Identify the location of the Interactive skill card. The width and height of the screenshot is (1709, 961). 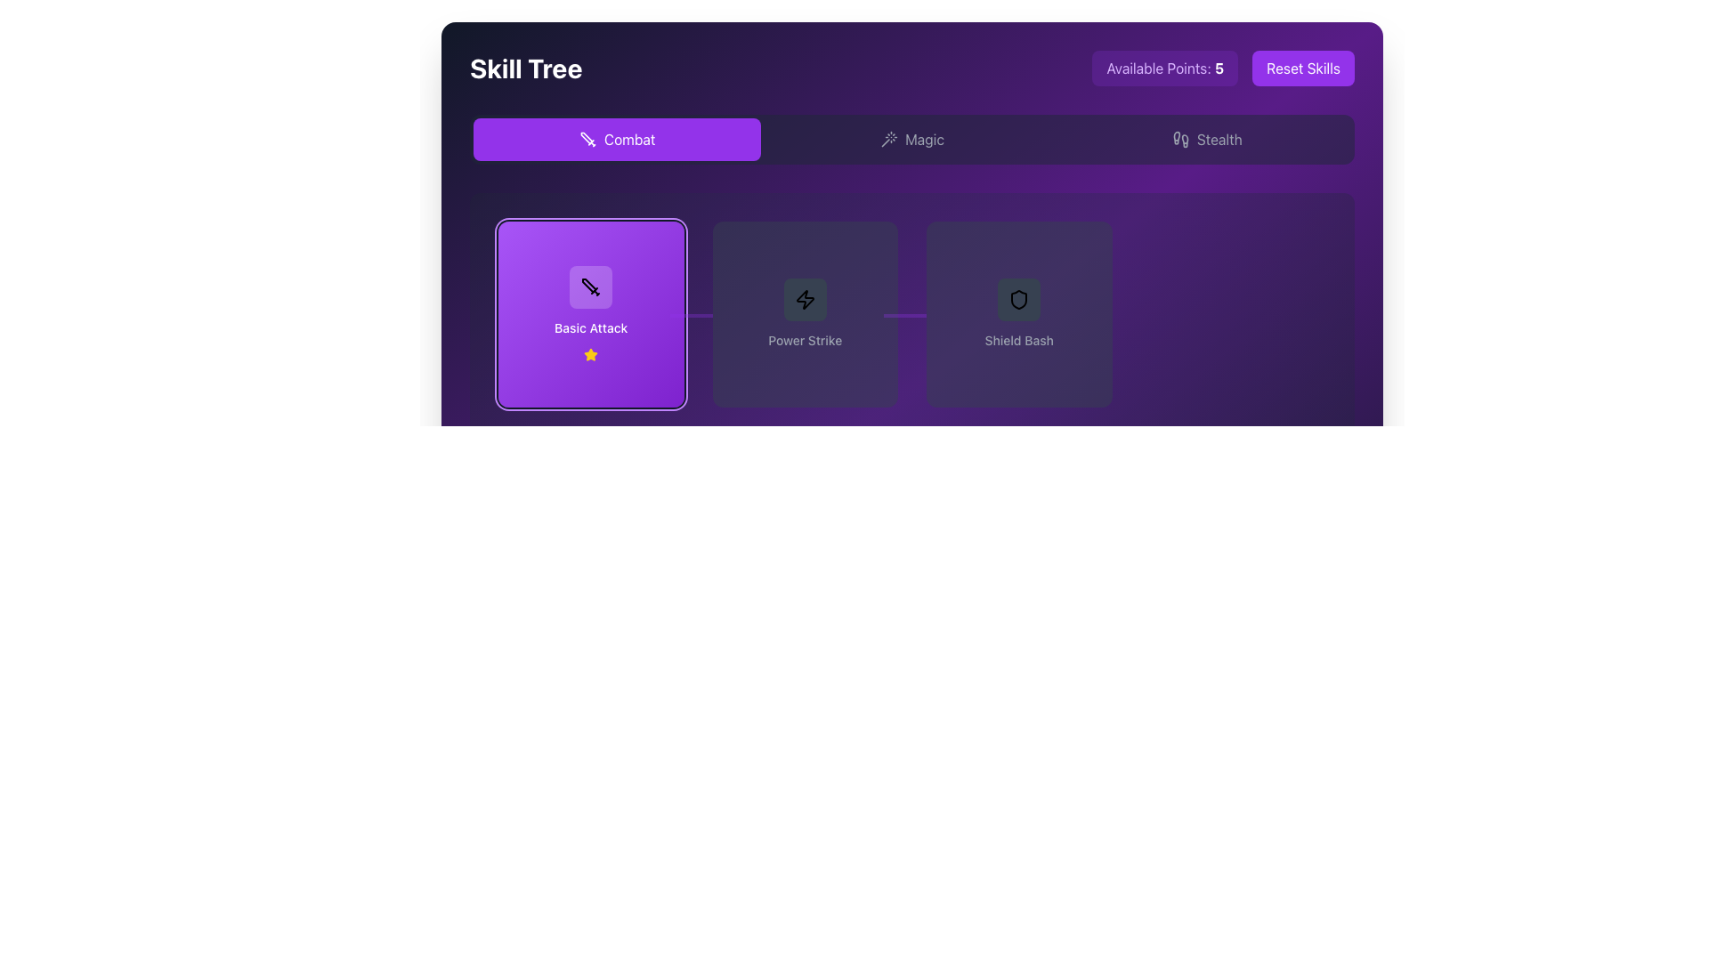
(1019, 313).